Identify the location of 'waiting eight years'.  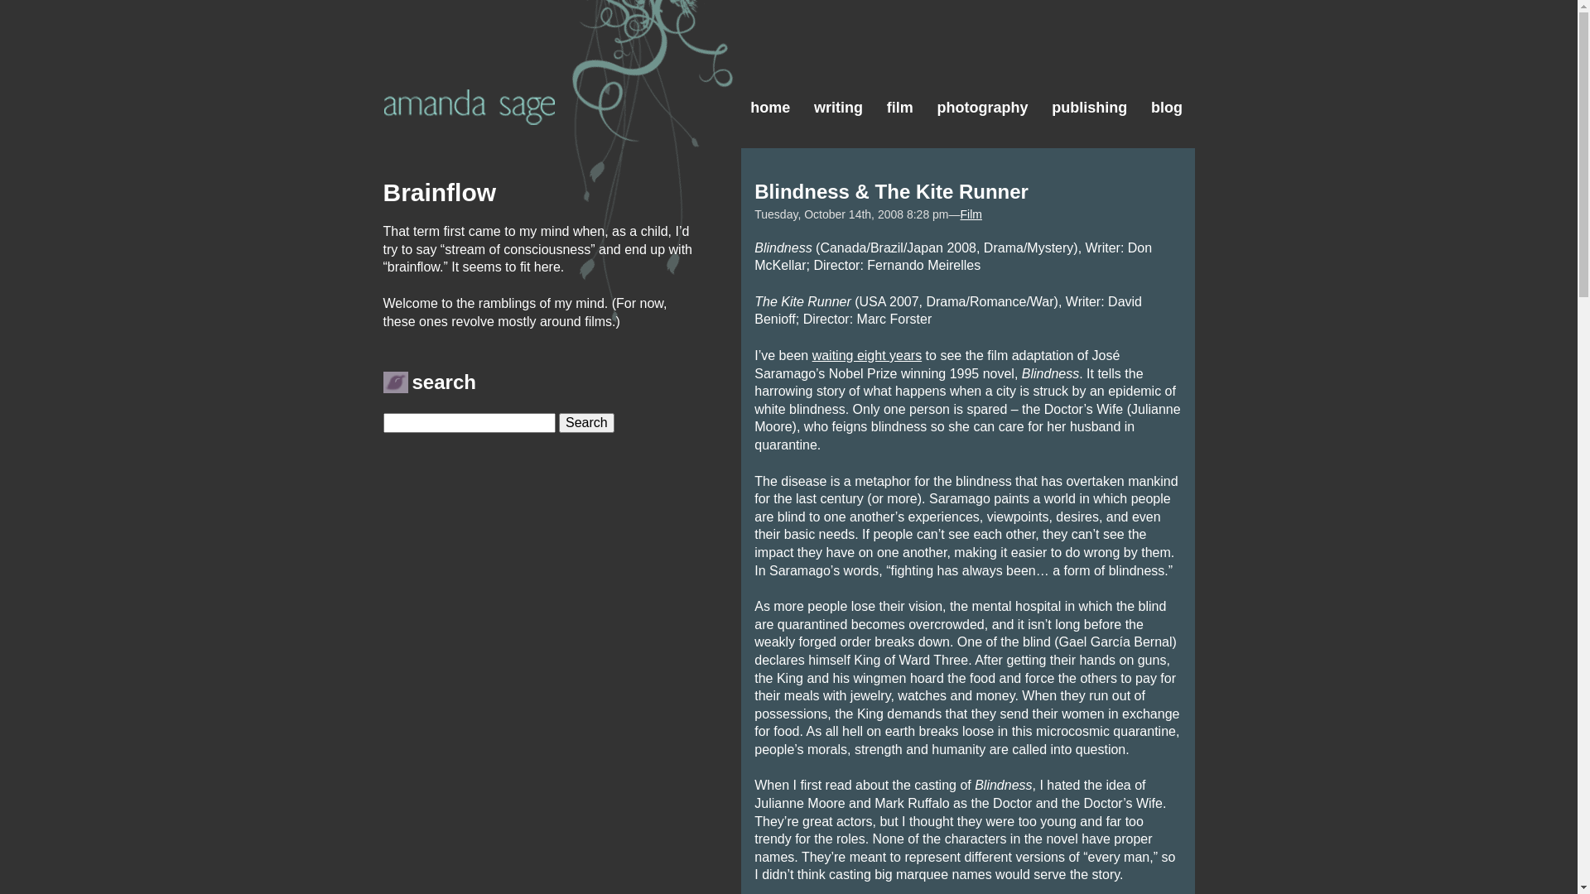
(866, 354).